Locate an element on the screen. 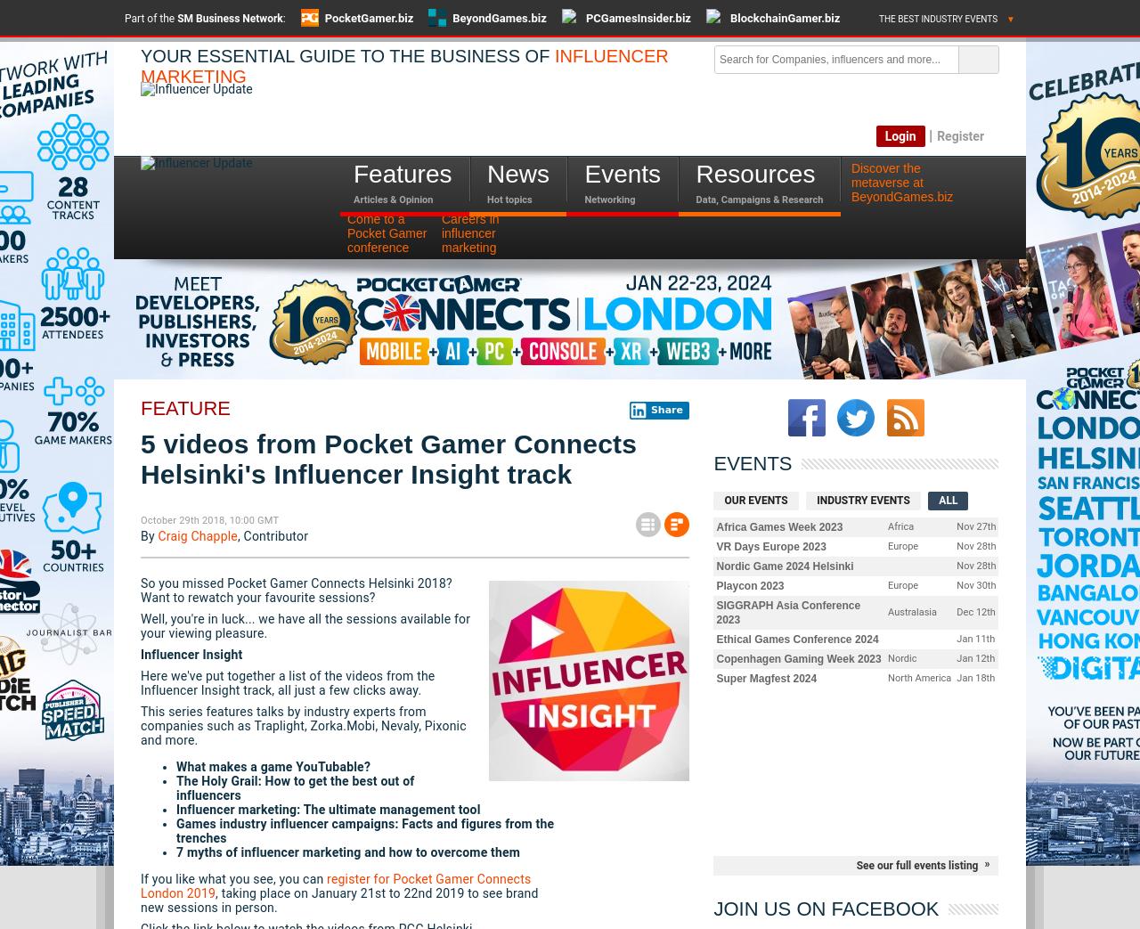 The image size is (1140, 929). 'metaverse at' is located at coordinates (886, 181).